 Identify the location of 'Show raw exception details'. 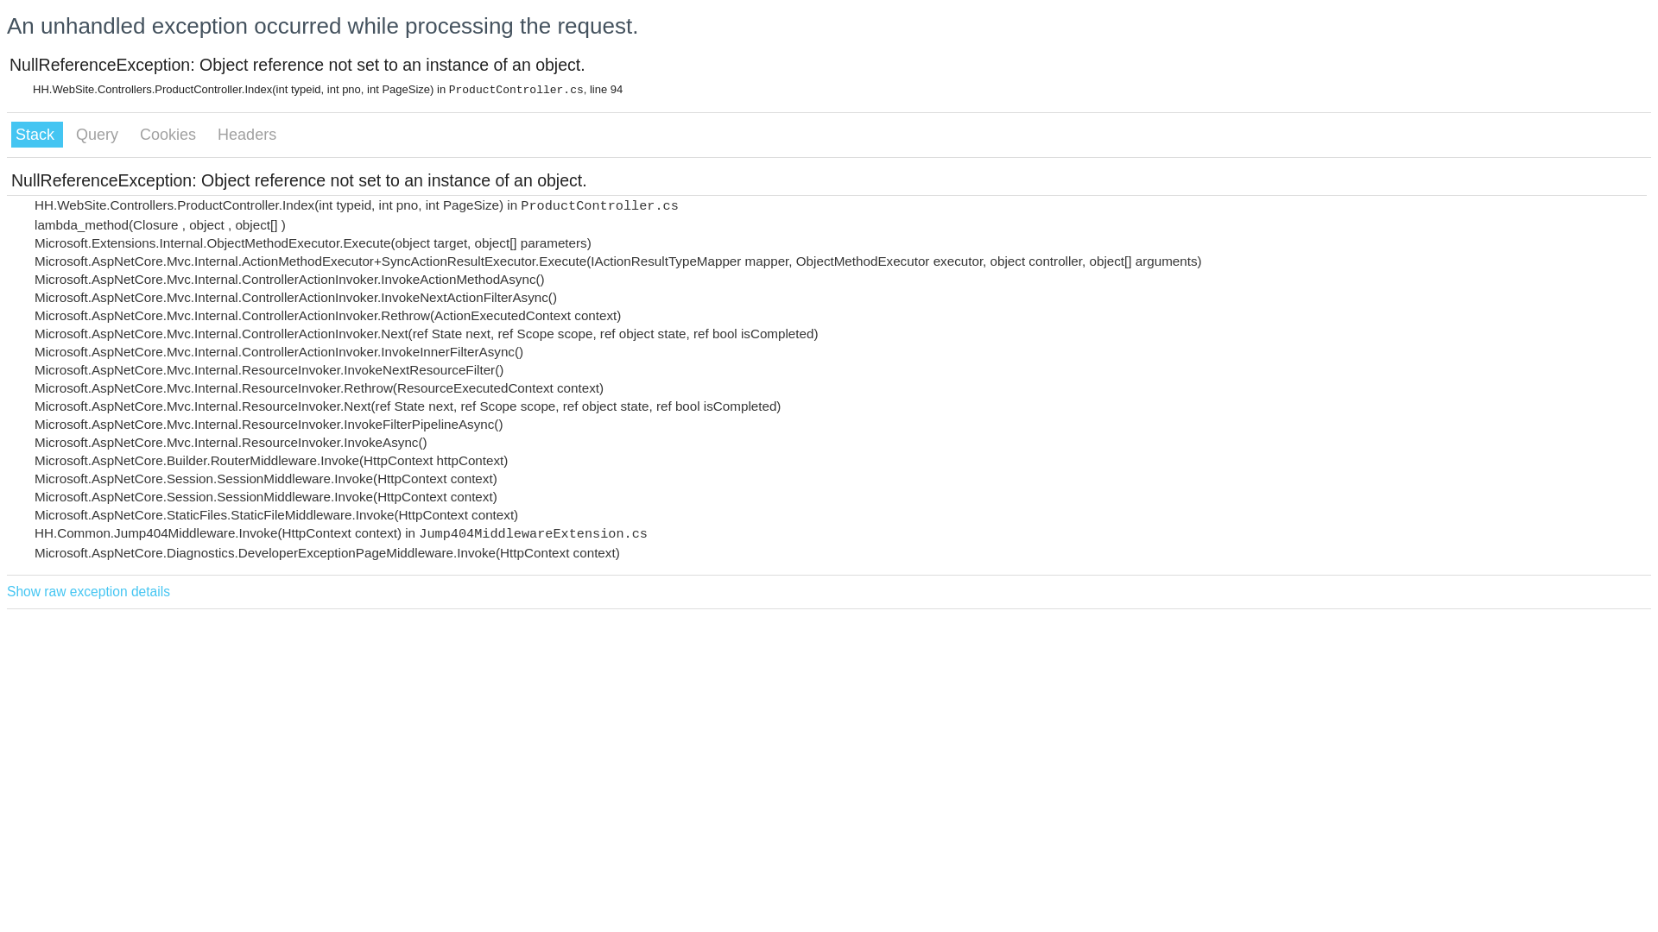
(87, 591).